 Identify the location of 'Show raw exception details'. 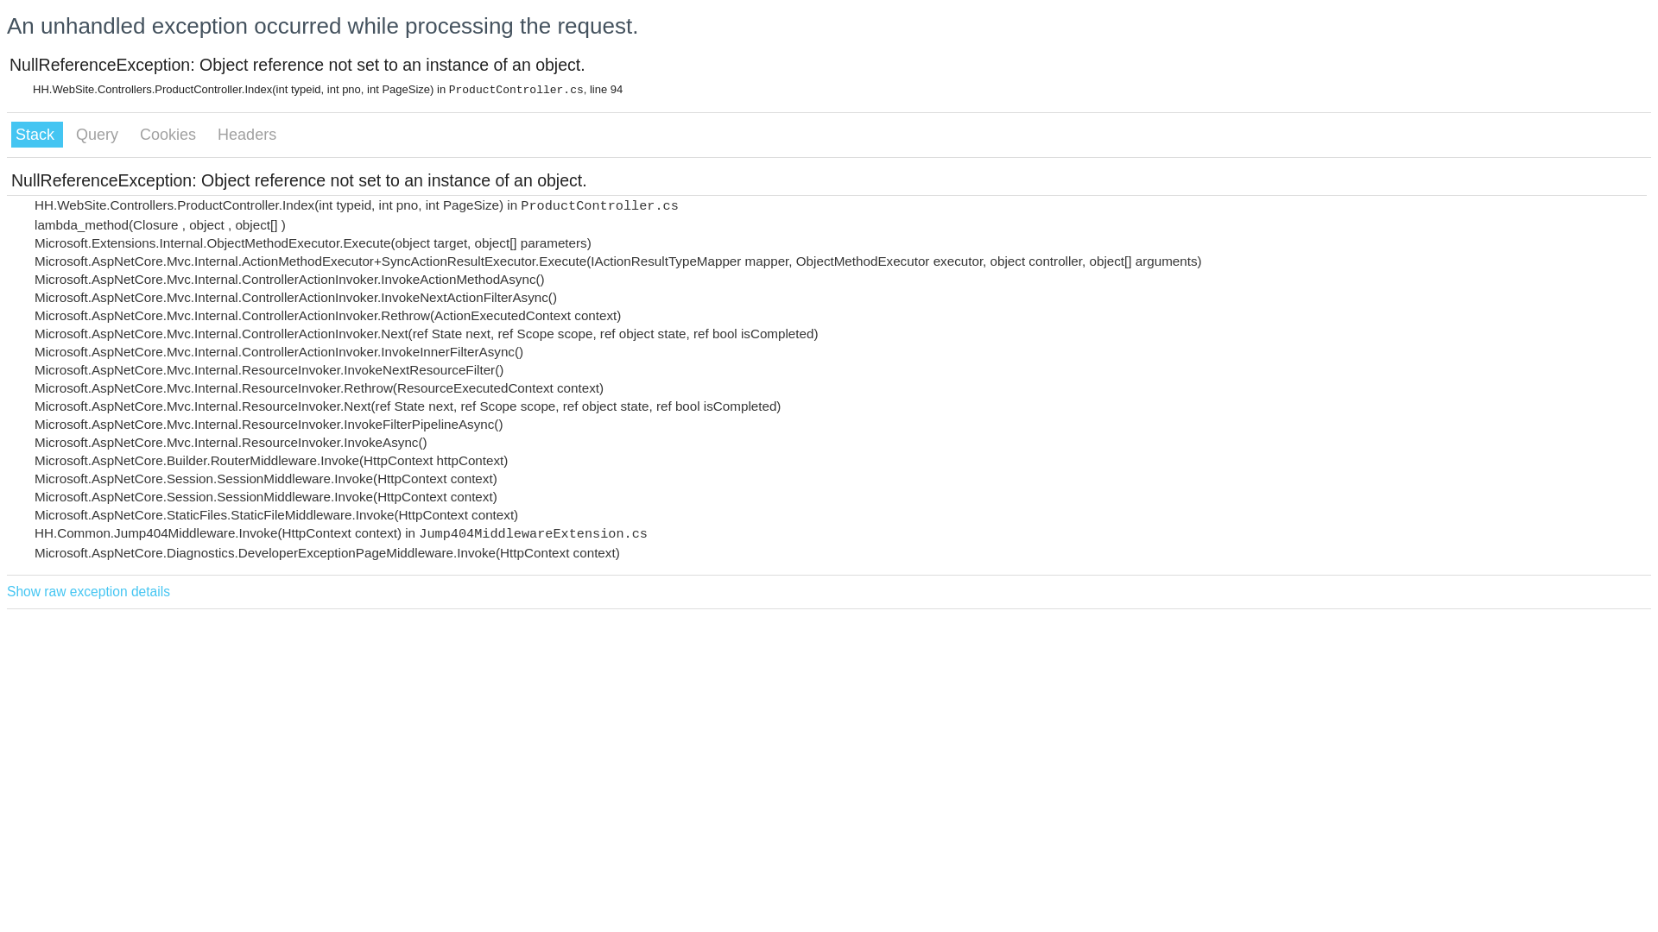
(87, 591).